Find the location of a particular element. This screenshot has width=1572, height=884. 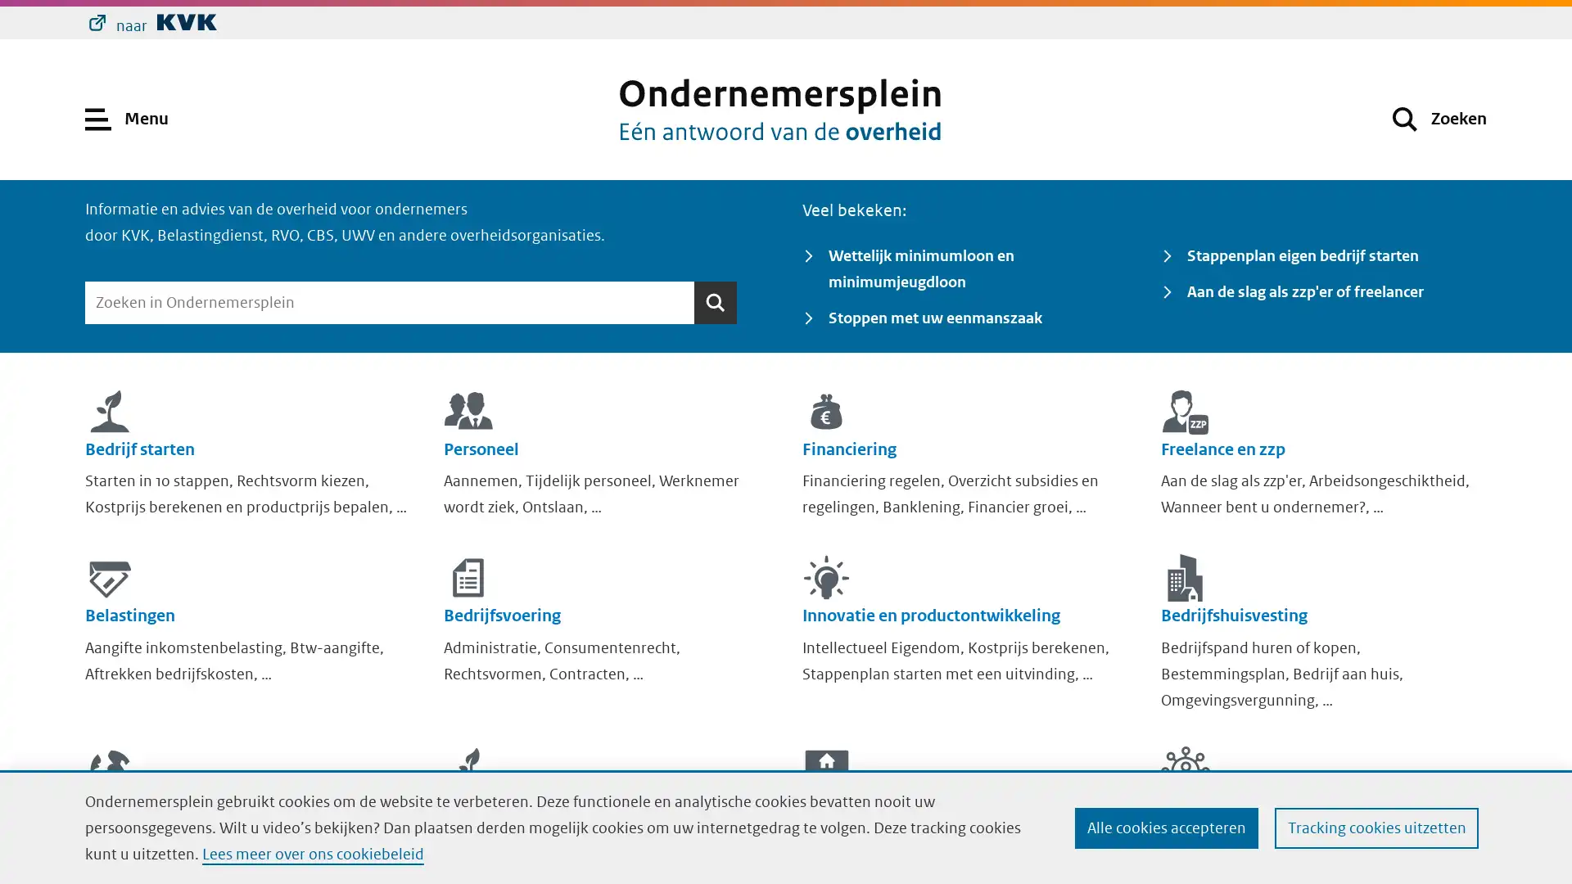

Tracking cookies uitzetten is located at coordinates (1375, 828).